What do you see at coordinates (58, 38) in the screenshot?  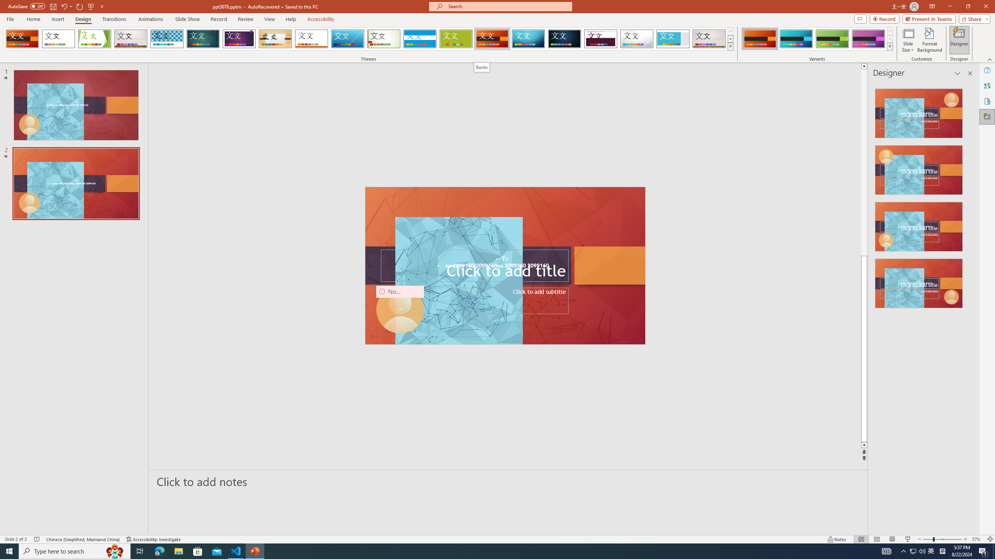 I see `'Office Theme'` at bounding box center [58, 38].